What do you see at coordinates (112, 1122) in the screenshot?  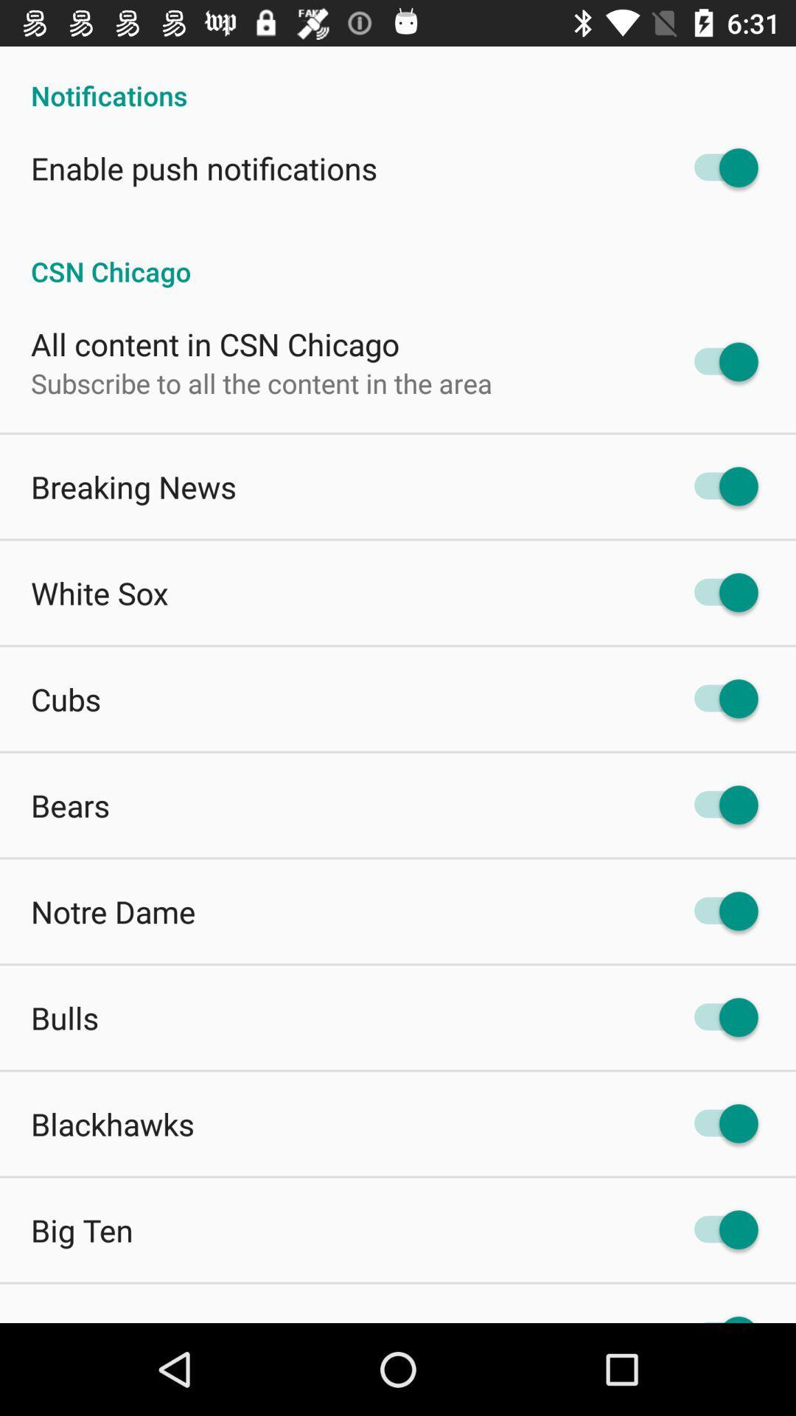 I see `the blackhawks` at bounding box center [112, 1122].